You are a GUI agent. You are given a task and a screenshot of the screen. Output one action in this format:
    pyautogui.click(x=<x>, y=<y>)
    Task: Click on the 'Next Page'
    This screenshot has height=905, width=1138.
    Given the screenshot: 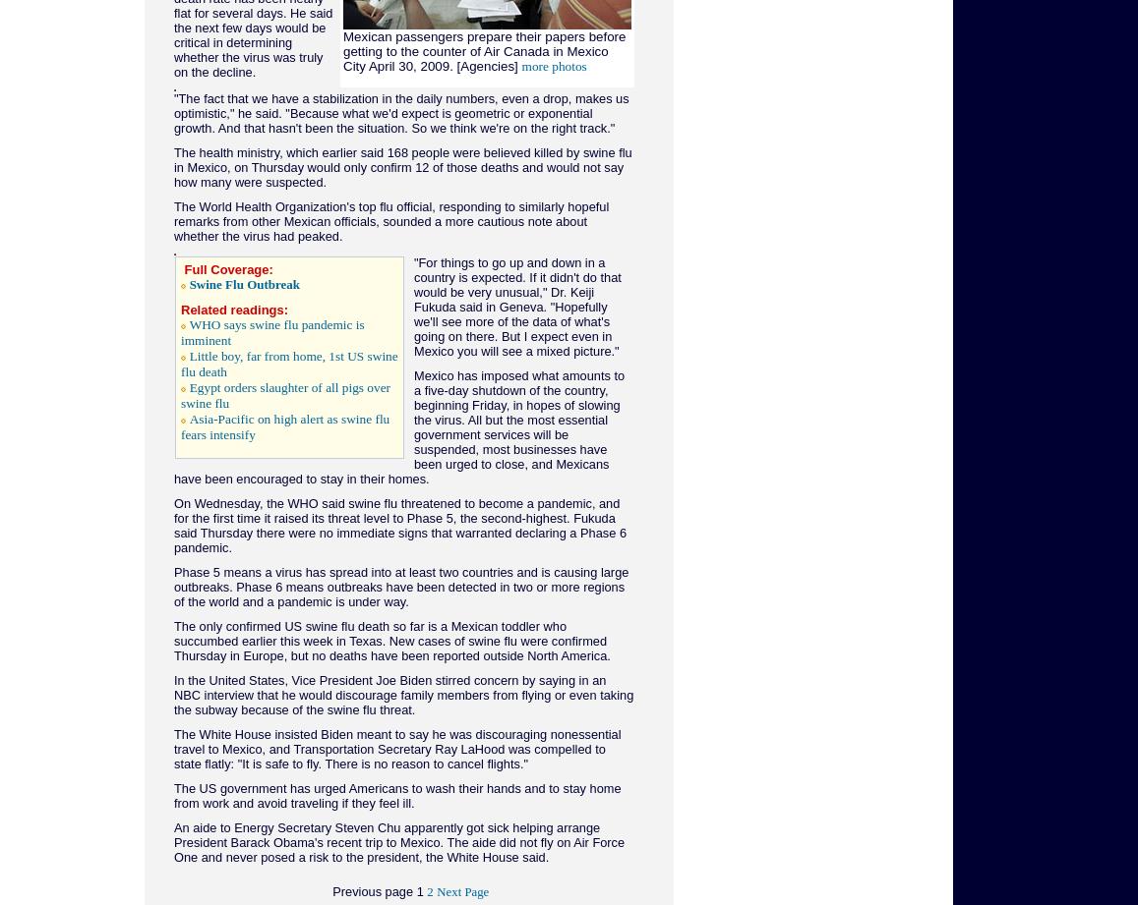 What is the action you would take?
    pyautogui.click(x=462, y=891)
    